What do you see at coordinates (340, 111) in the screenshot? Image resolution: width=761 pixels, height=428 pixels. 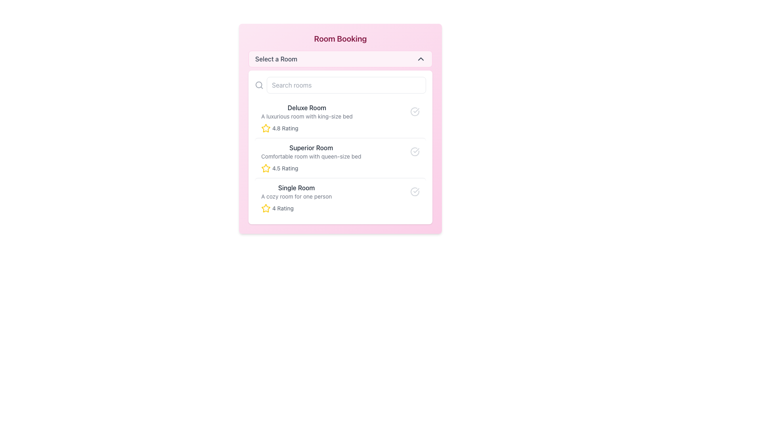 I see `the first room type option` at bounding box center [340, 111].